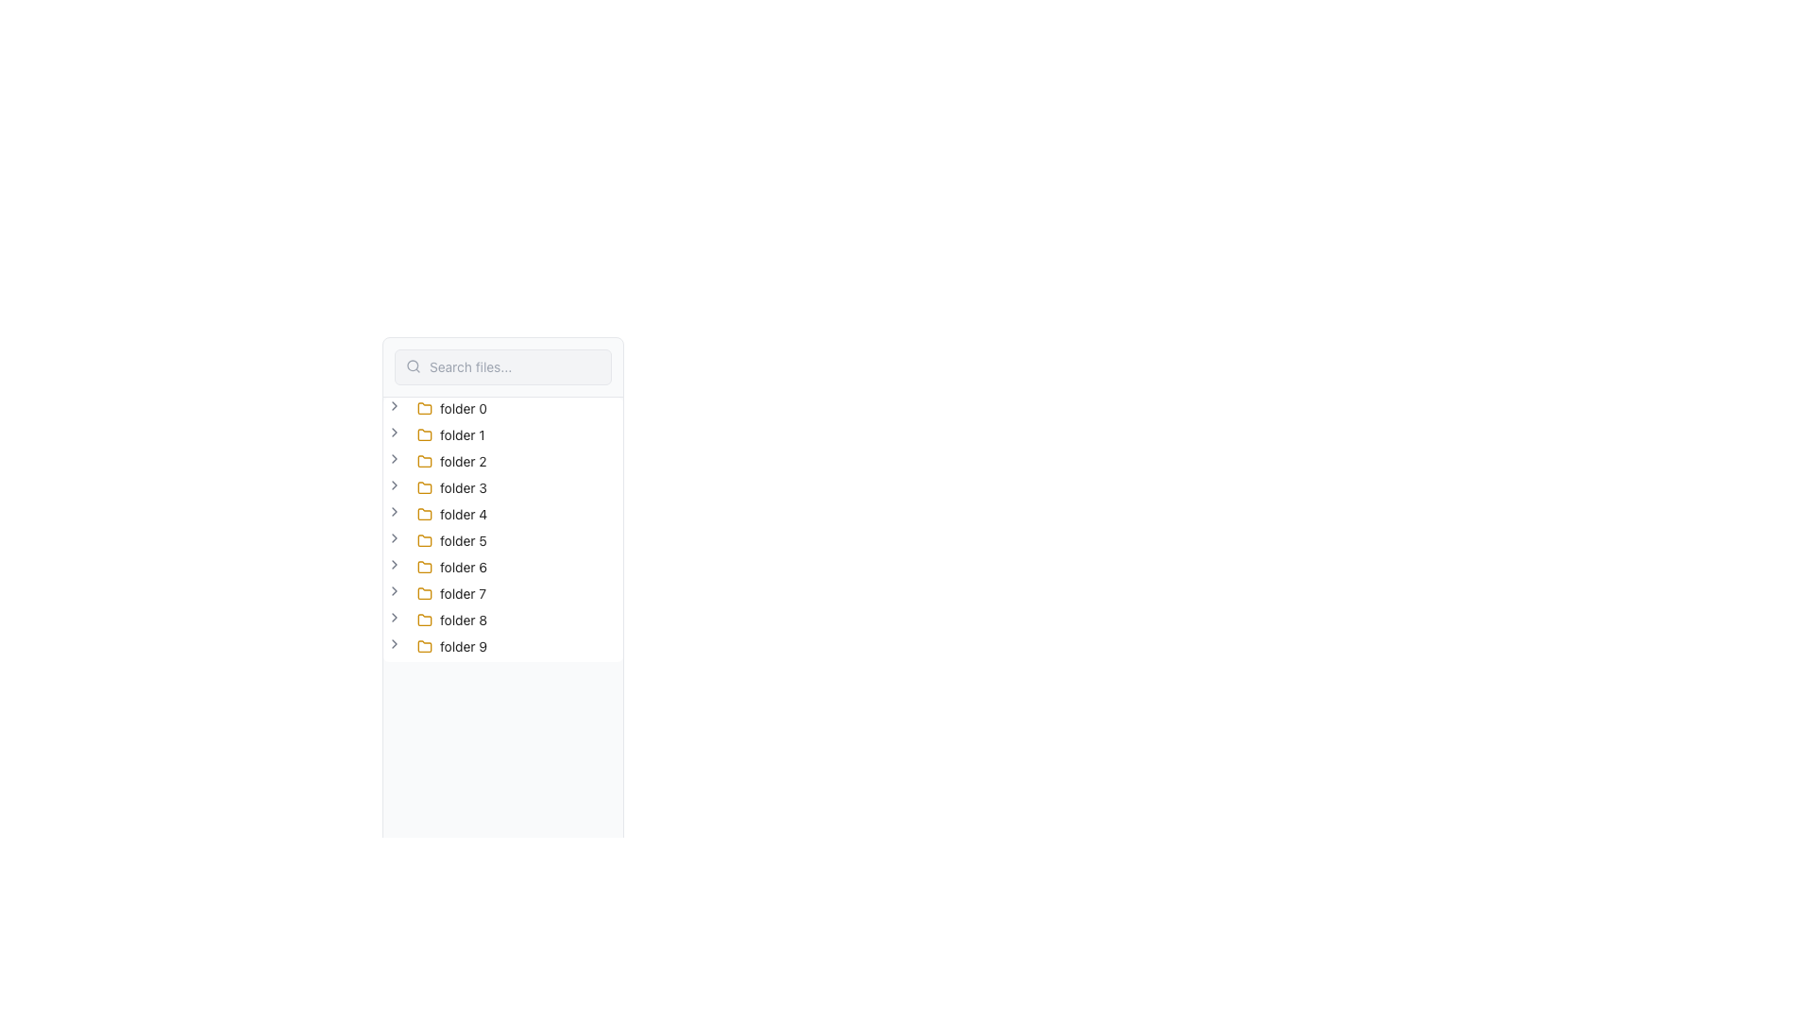 The width and height of the screenshot is (1813, 1020). What do you see at coordinates (449, 435) in the screenshot?
I see `the 'folder 1' Tree view item, which is a yellow folder icon` at bounding box center [449, 435].